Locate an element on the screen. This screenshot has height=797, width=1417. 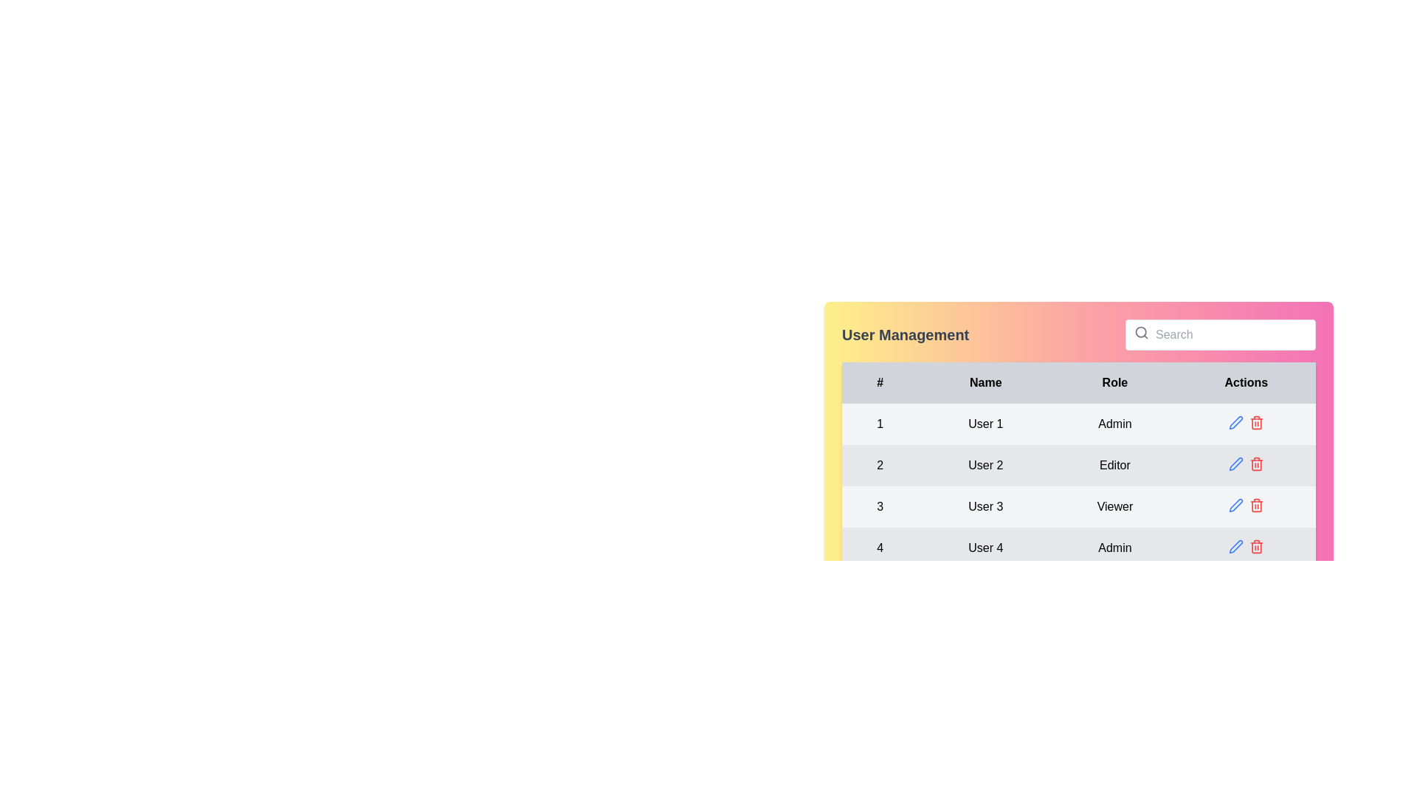
the text content displaying 'User 3' in the 'Name' column of the user management table, located in the third row between the 'Number' and 'Role' columns is located at coordinates (985, 506).